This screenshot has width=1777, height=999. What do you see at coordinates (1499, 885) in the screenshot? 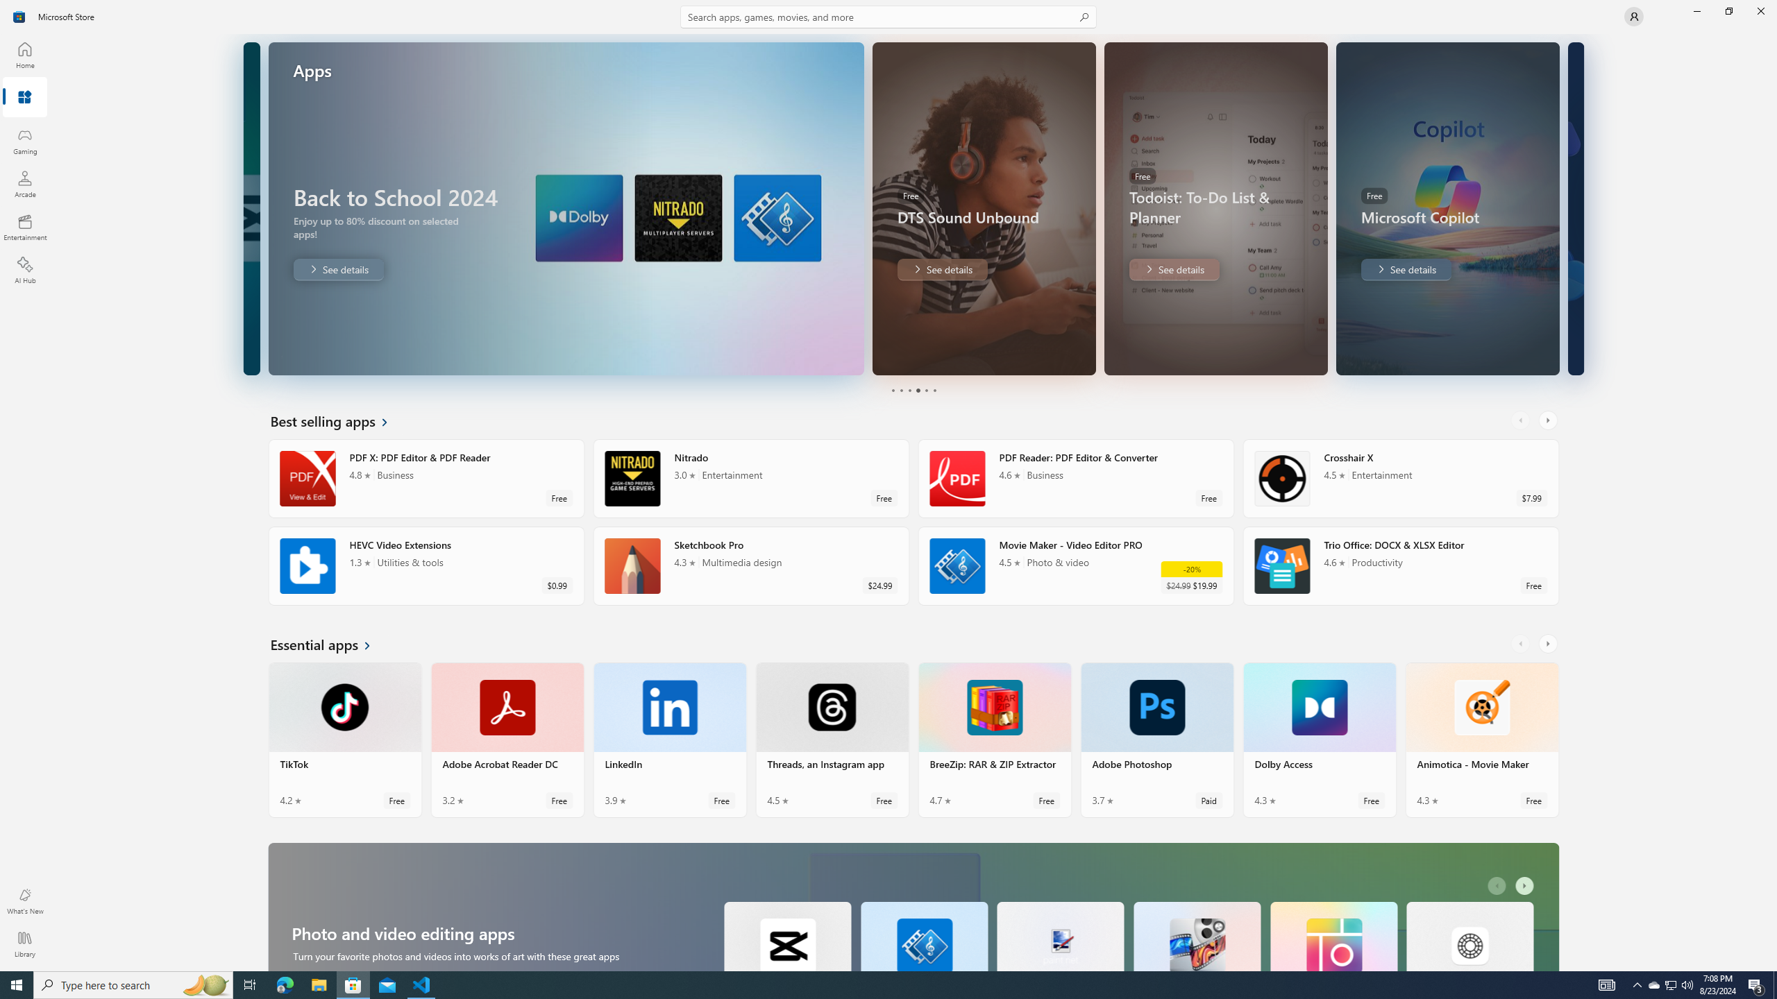
I see `'AutomationID: LeftScrollButton'` at bounding box center [1499, 885].